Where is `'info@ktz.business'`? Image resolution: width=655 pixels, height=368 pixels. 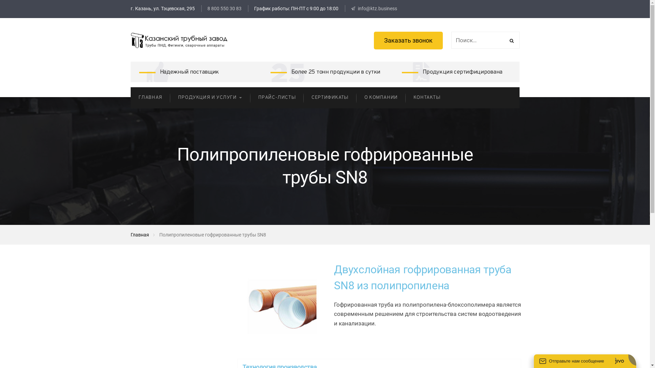 'info@ktz.business' is located at coordinates (373, 8).